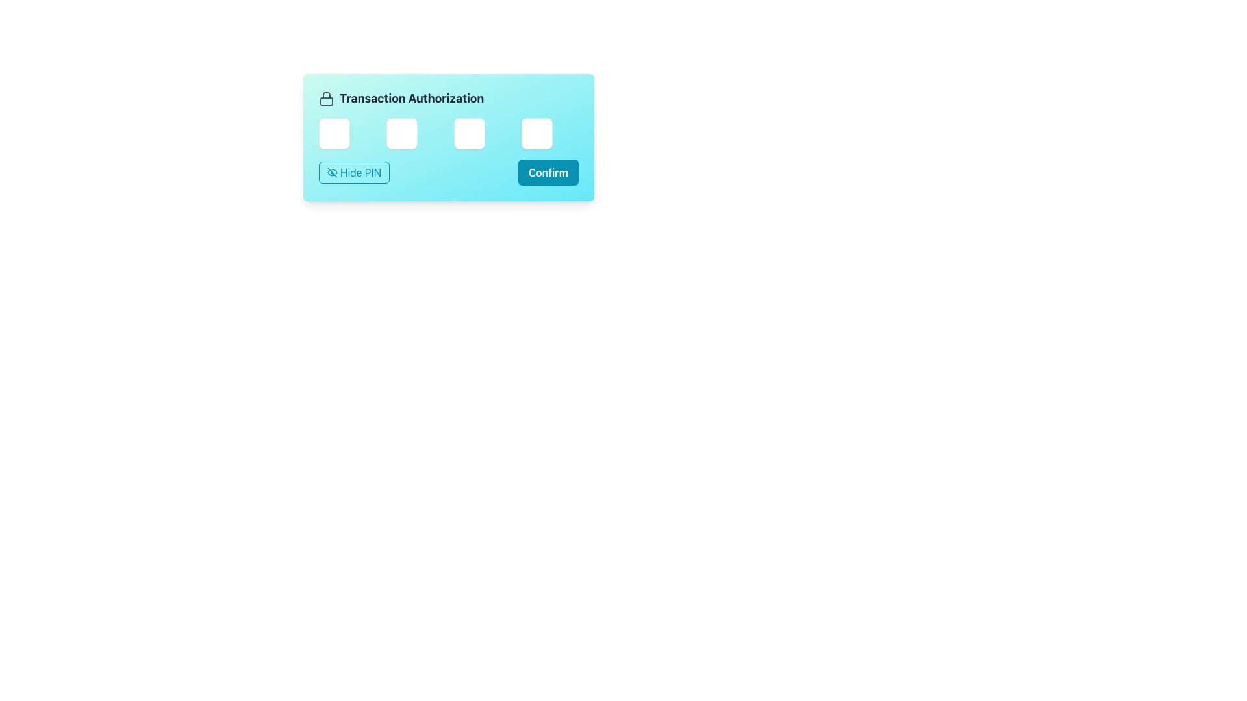 The width and height of the screenshot is (1247, 701). I want to click on the eye icon with a slash that indicates functionality related to hiding sensitive information within the 'Hide PIN' button located at the bottom left of the transaction authorization interface, so click(333, 172).